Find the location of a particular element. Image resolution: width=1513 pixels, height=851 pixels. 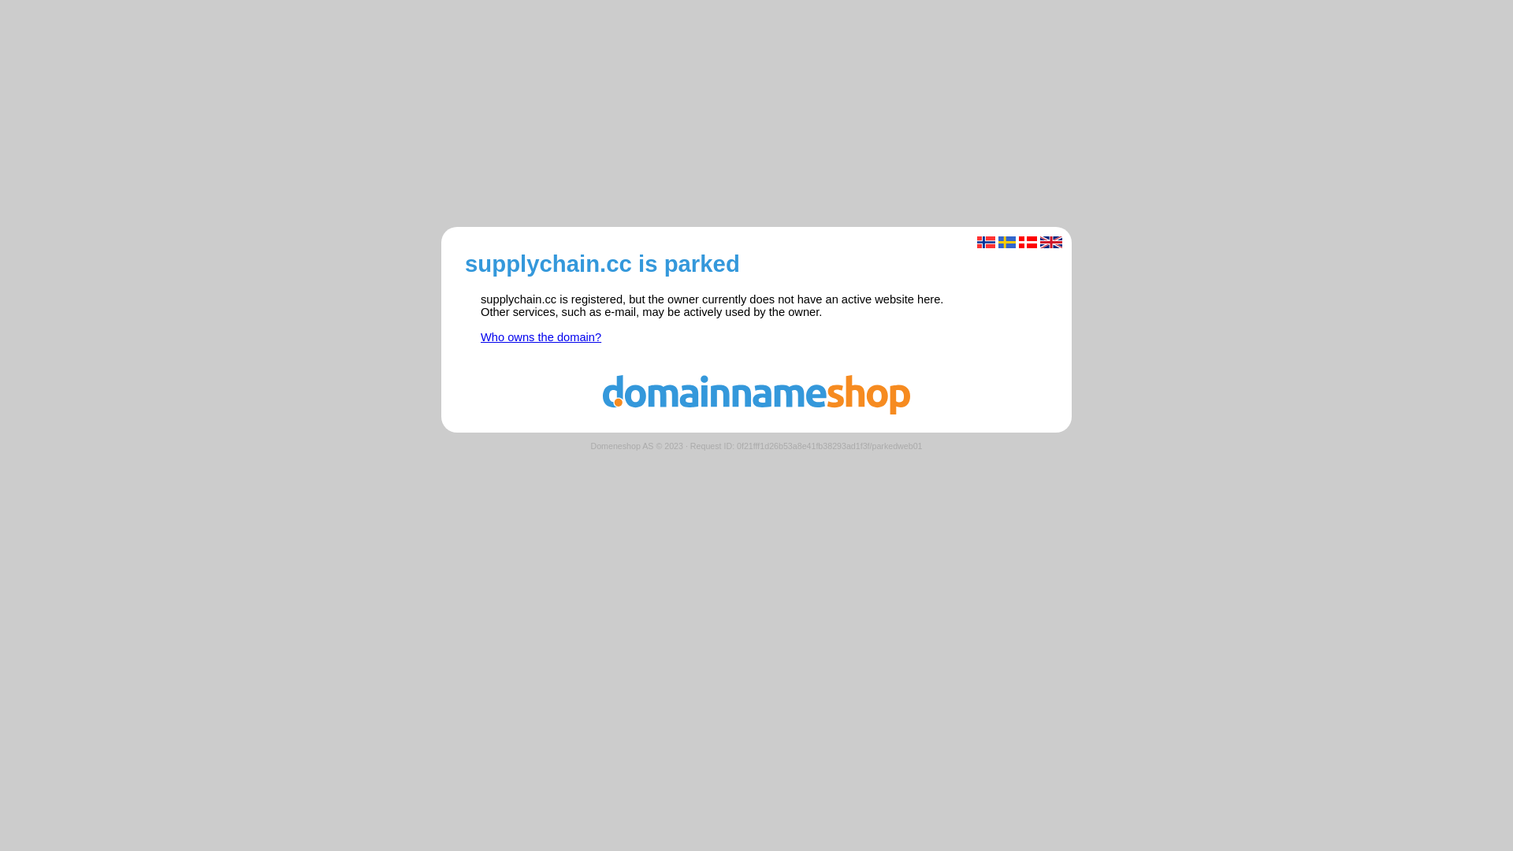

'Norsk' is located at coordinates (985, 242).